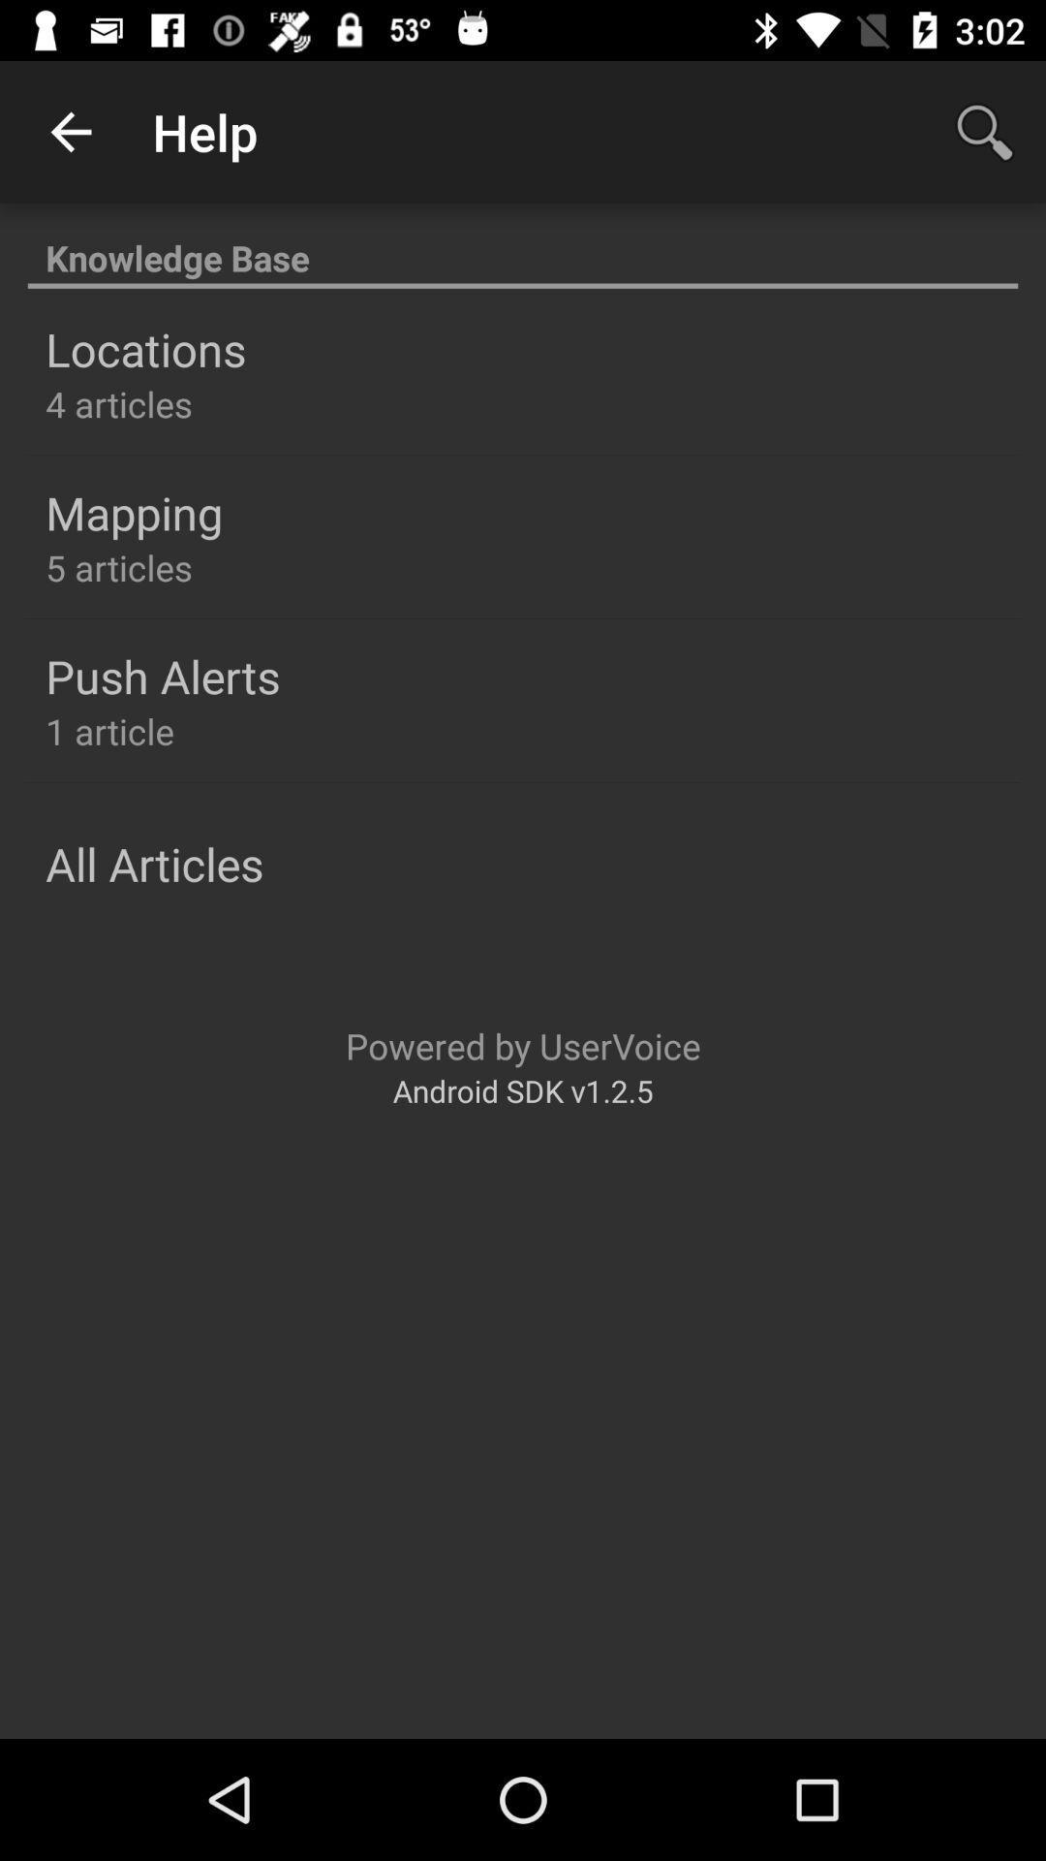  What do you see at coordinates (523, 246) in the screenshot?
I see `icon above the locations` at bounding box center [523, 246].